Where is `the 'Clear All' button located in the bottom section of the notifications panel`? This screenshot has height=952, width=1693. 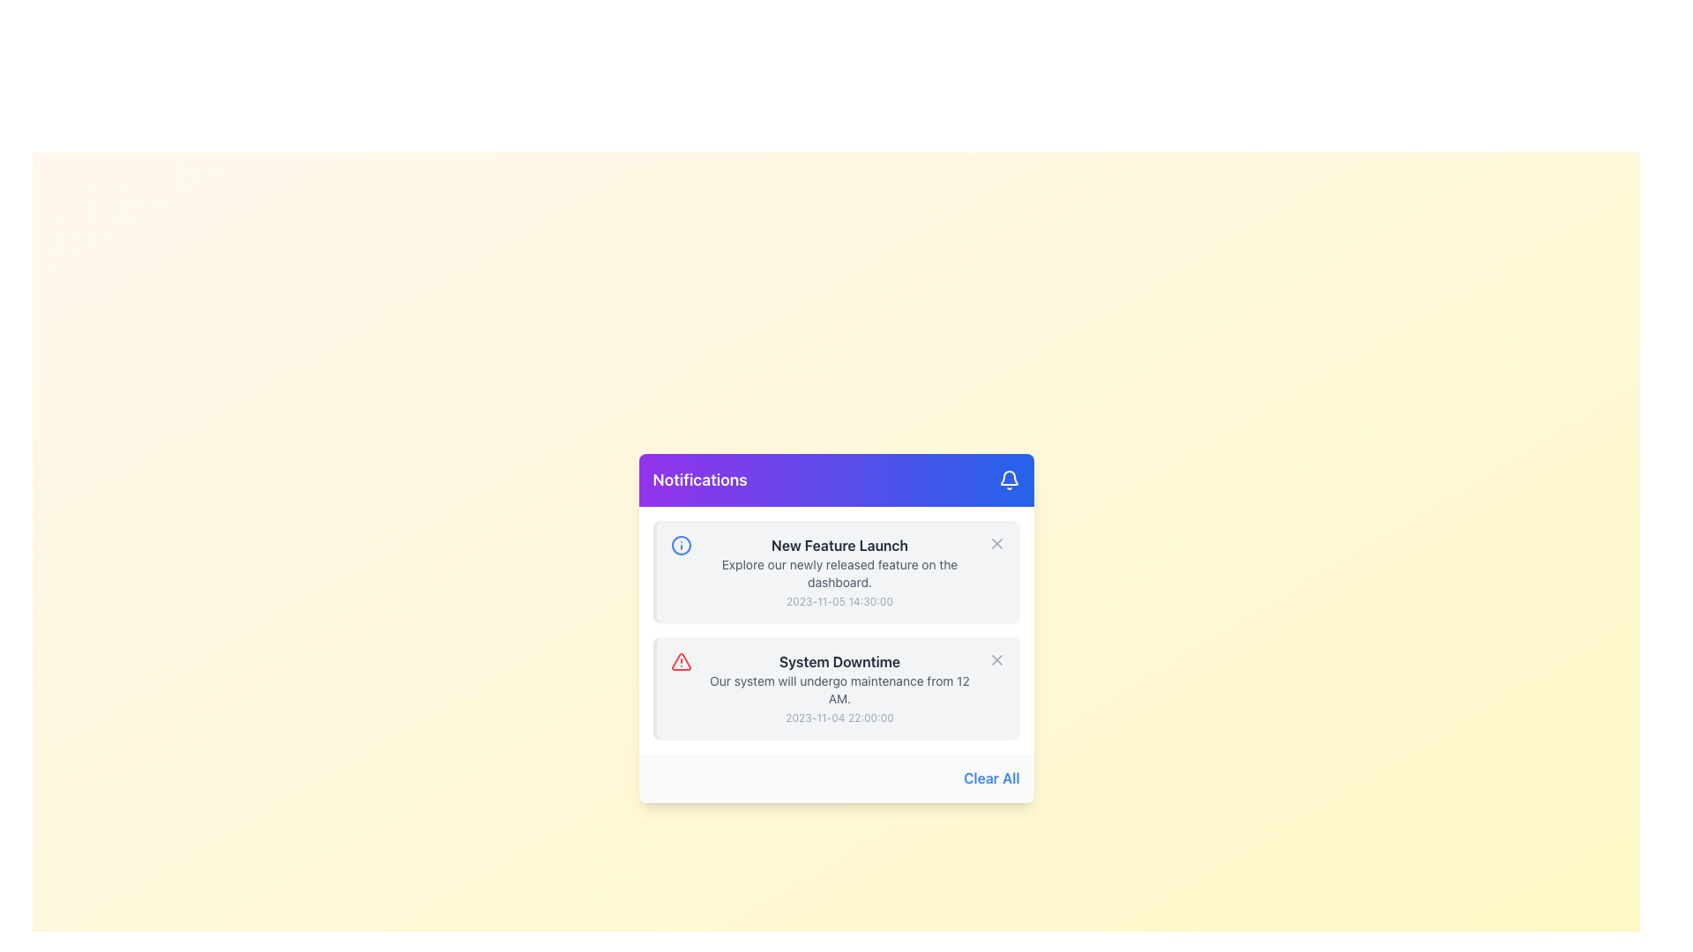 the 'Clear All' button located in the bottom section of the notifications panel is located at coordinates (835, 777).